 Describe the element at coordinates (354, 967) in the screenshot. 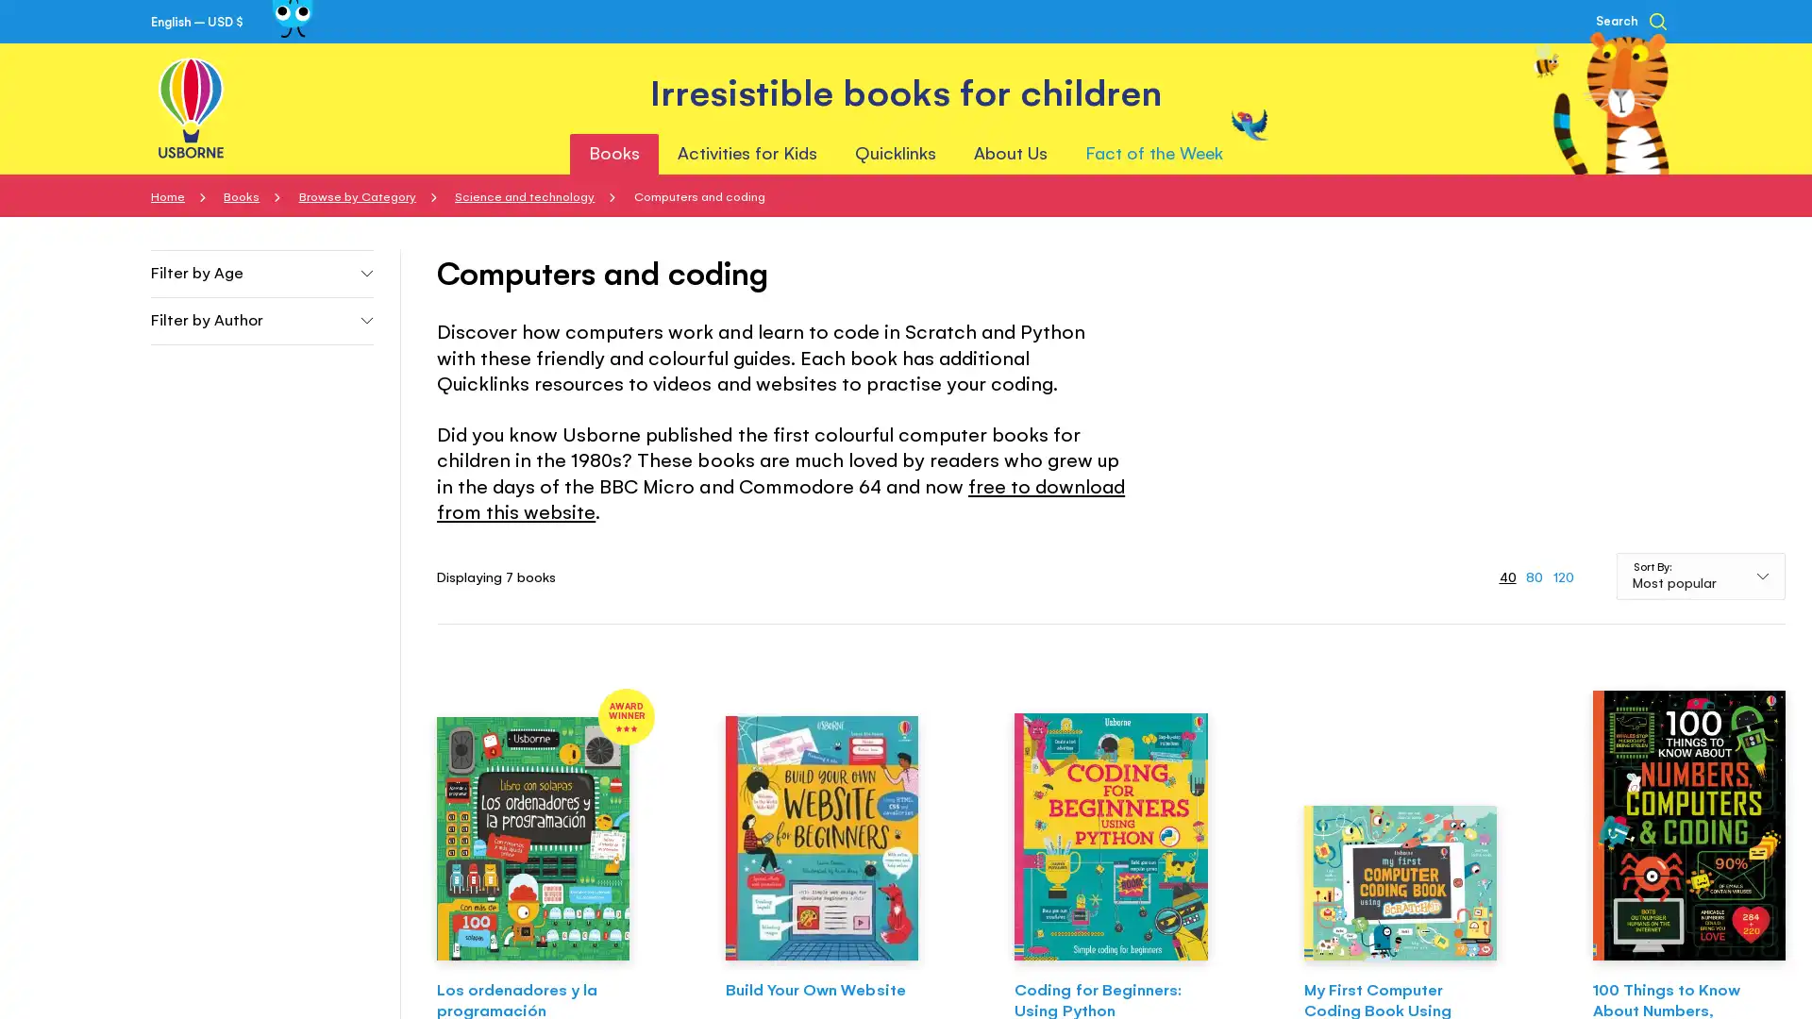

I see `Cookies Settings` at that location.